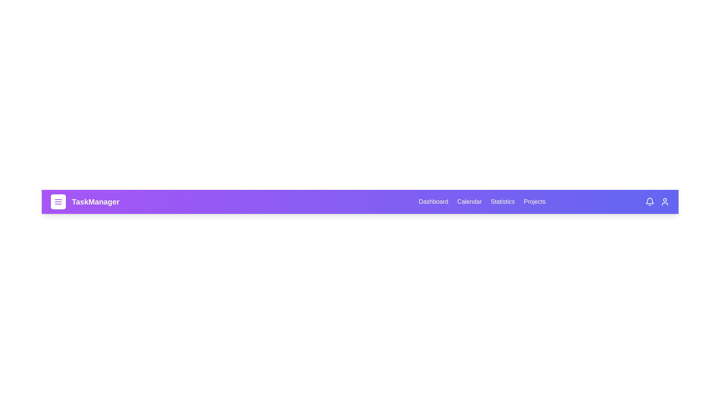  I want to click on the bell icon to view notifications, so click(650, 201).